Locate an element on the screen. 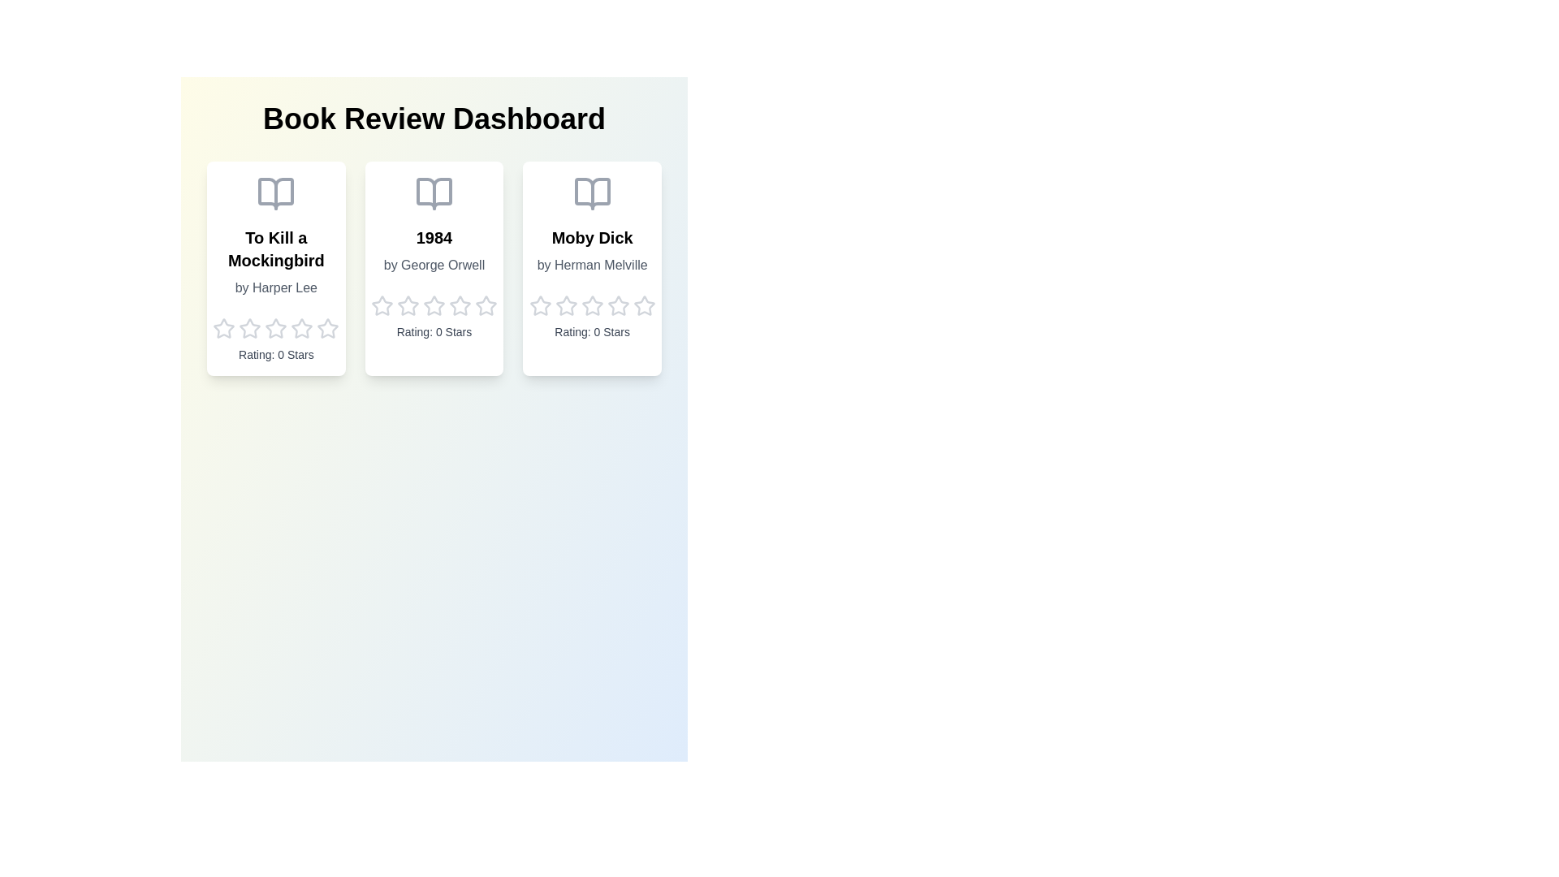 The image size is (1559, 877). the star icon corresponding to the rating 4 for the book 2 is located at coordinates (459, 306).